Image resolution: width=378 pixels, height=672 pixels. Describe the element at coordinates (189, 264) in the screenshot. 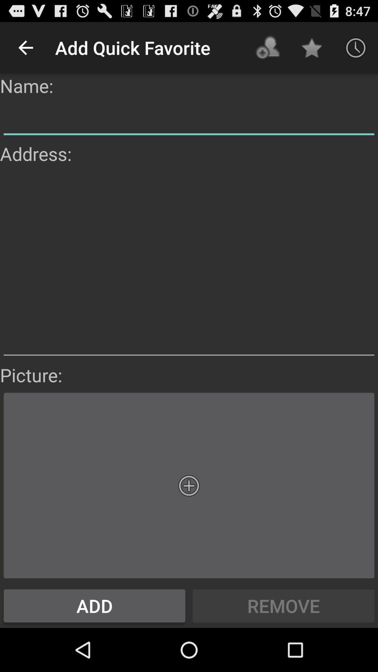

I see `address` at that location.